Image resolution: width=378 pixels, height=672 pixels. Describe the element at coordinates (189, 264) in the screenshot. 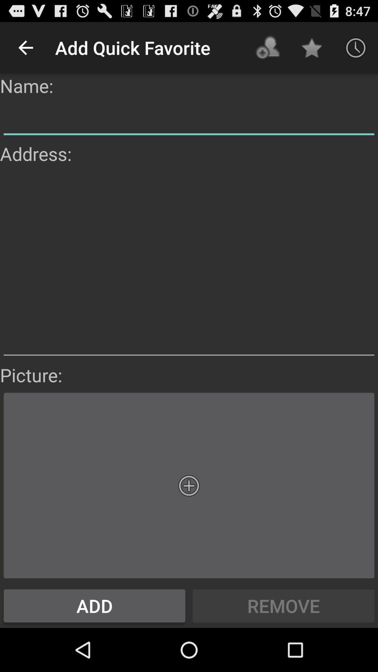

I see `address` at that location.